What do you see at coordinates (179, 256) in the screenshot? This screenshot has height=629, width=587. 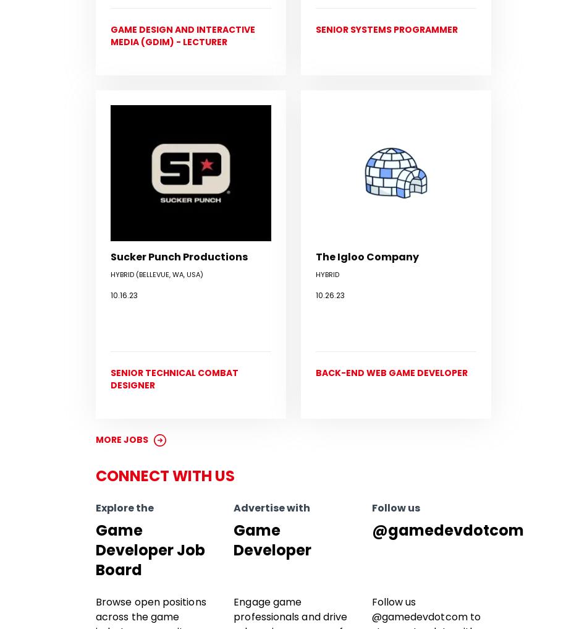 I see `'Sucker Punch Productions'` at bounding box center [179, 256].